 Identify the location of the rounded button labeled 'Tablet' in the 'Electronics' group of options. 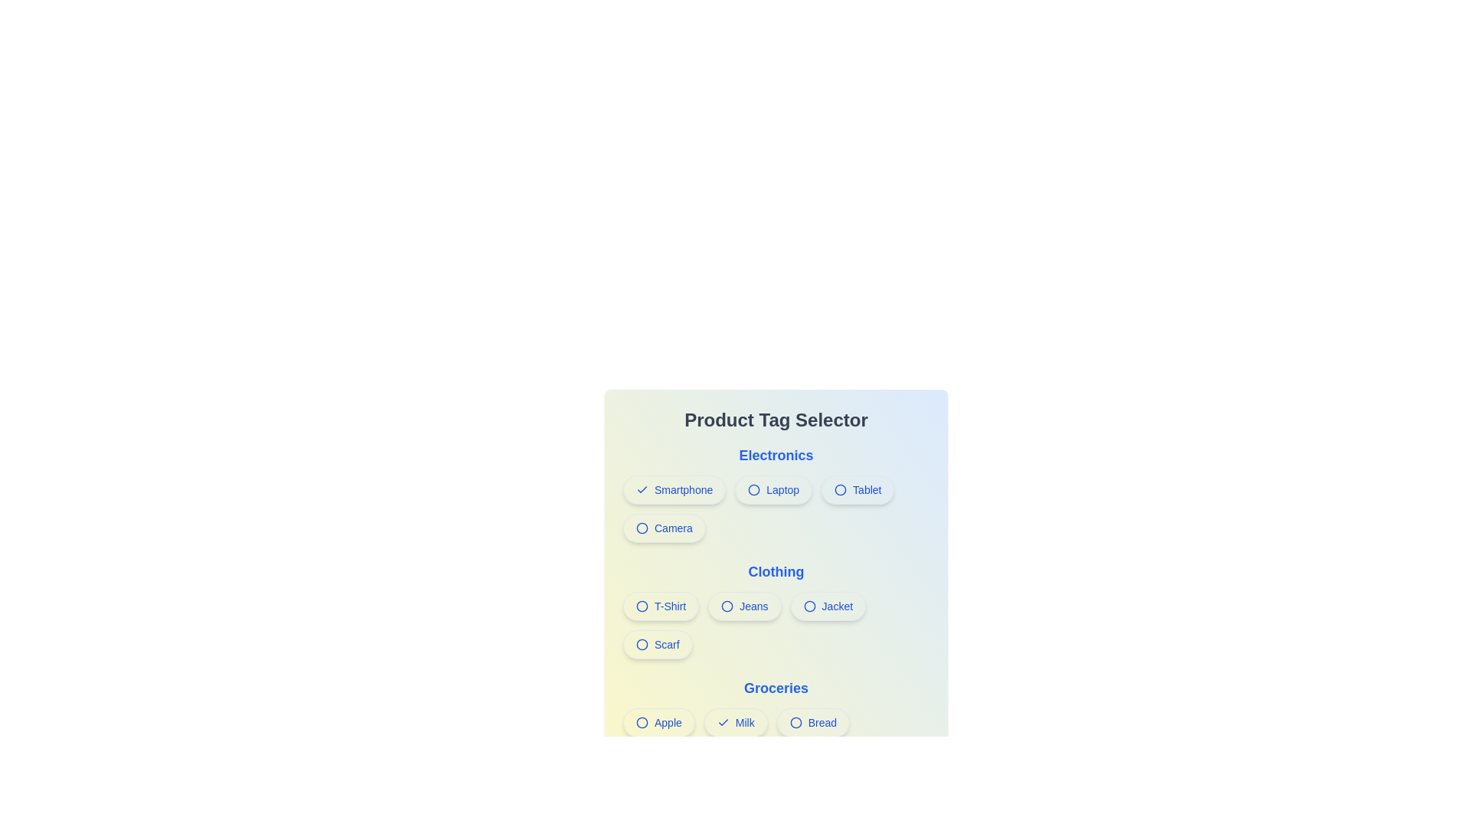
(857, 490).